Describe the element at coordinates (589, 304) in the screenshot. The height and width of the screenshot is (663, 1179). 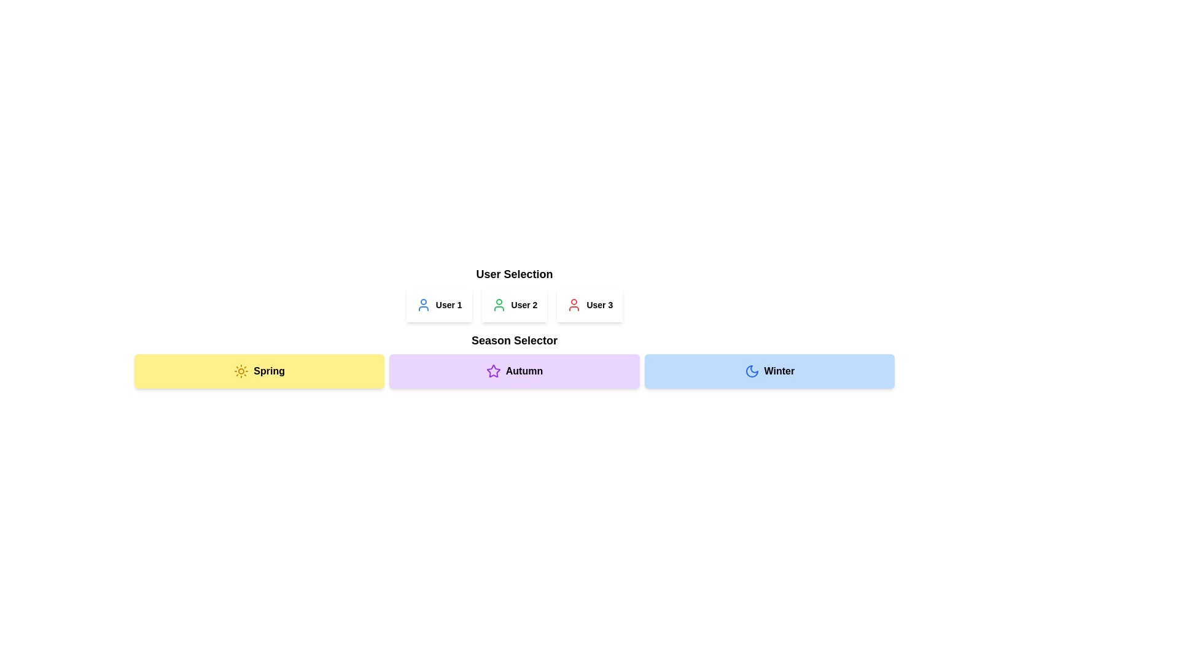
I see `the button labeled 'User 3' with a red user silhouette icon` at that location.